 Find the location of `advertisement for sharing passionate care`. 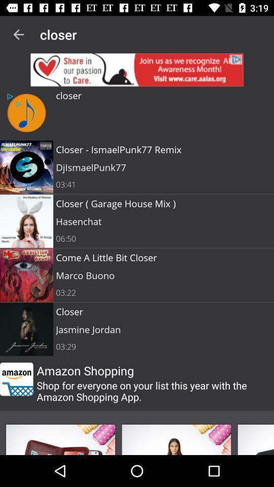

advertisement for sharing passionate care is located at coordinates (137, 69).